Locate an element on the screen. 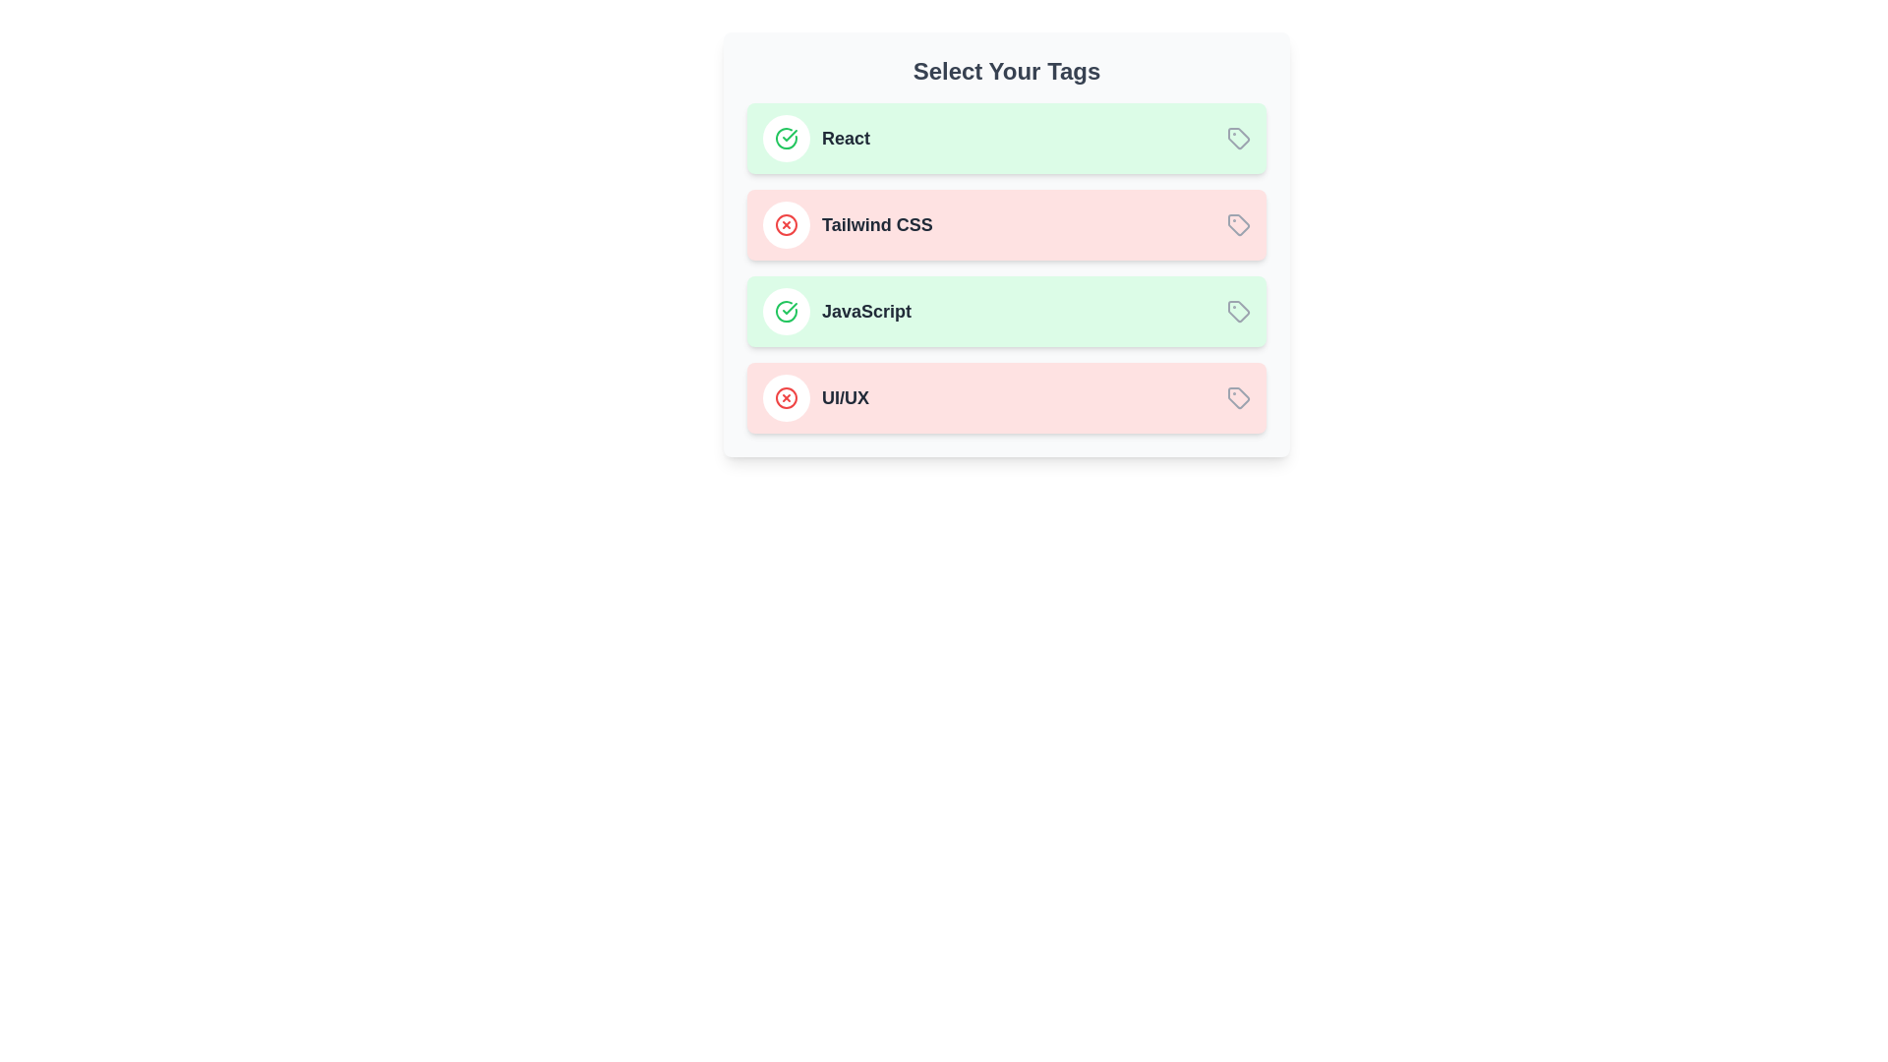  label text of the 'UI/UX' tag item, which is the last item in the vertically stacked list of tag options is located at coordinates (816, 398).